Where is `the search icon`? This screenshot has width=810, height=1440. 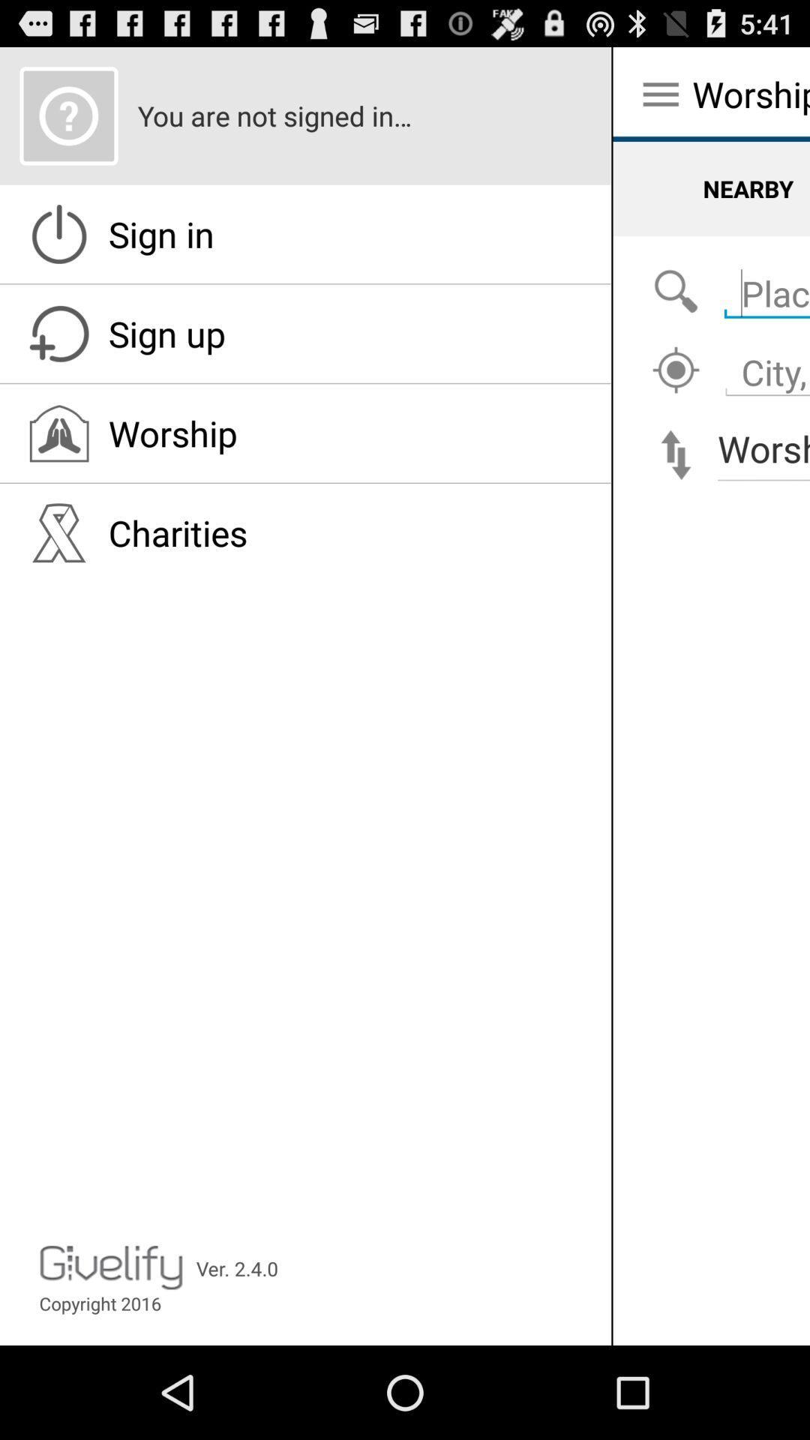 the search icon is located at coordinates (676, 312).